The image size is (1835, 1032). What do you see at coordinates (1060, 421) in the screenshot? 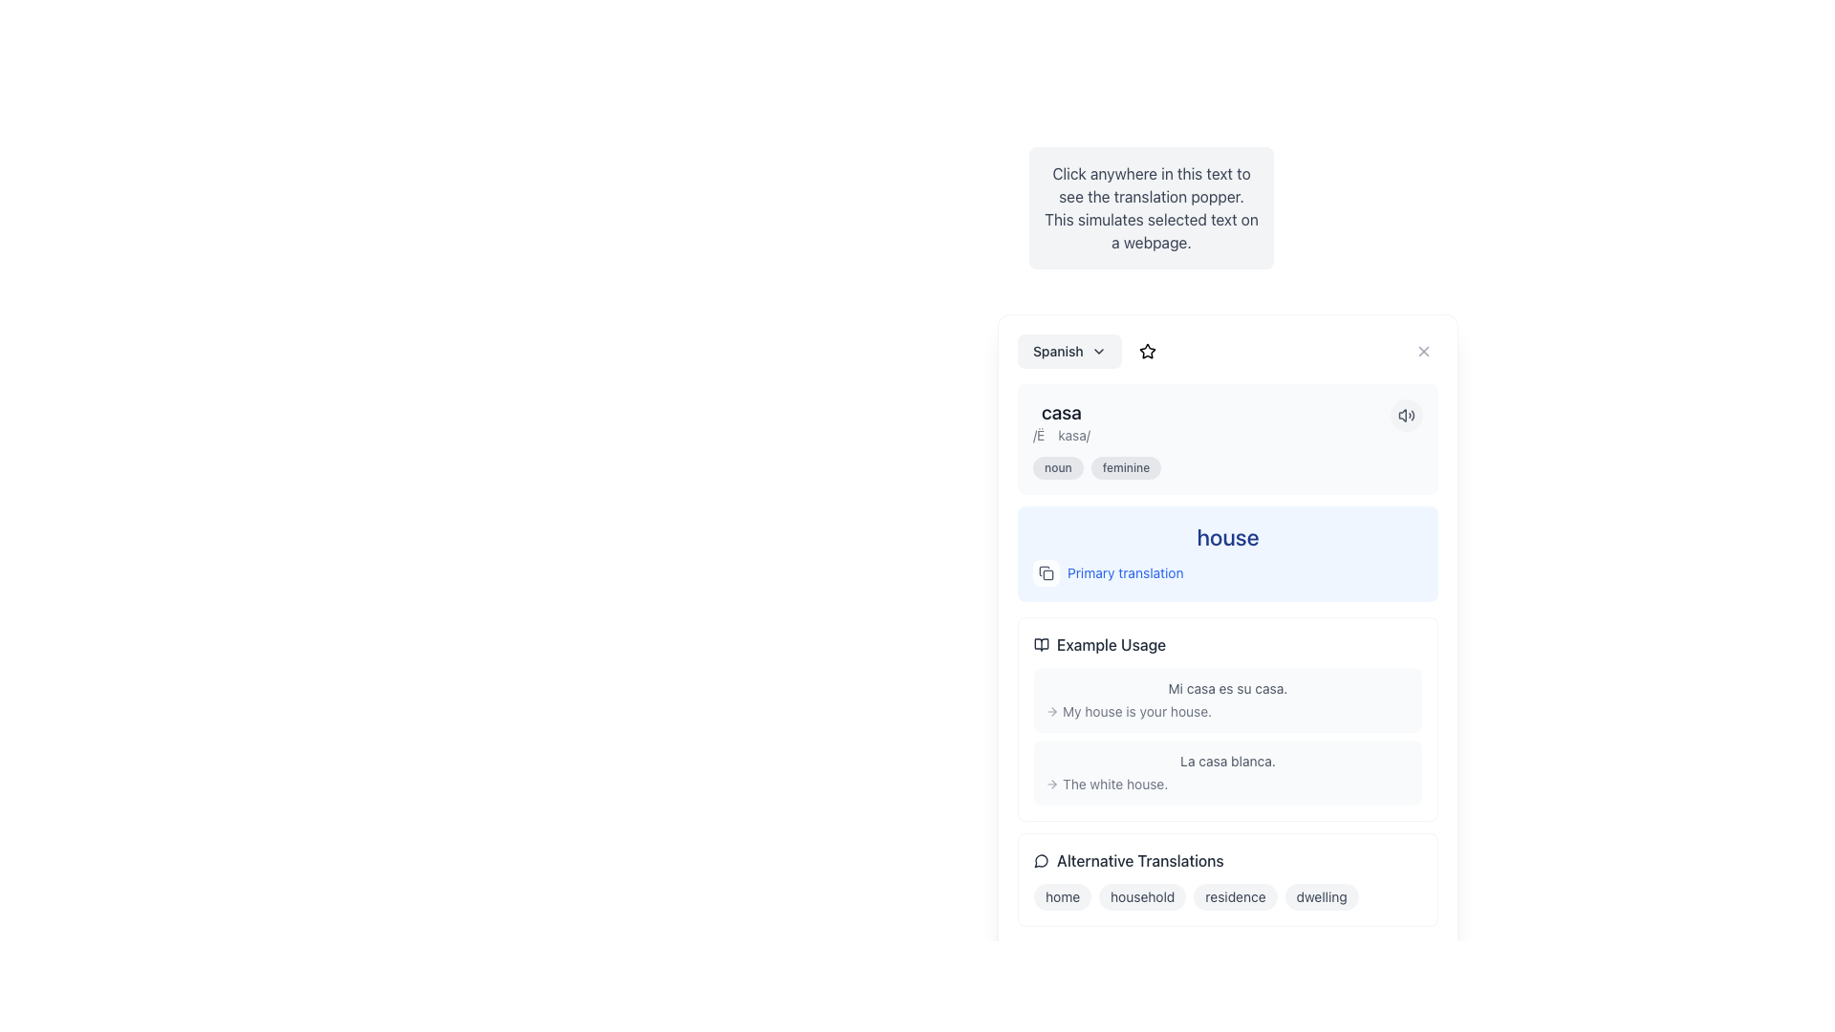
I see `displayed text, which consists of the word 'casa' in bold dark gray and the phonetic pronunciation '/Ëˆkasa/' in lighter gray, located near the top-left of the display pane` at bounding box center [1060, 421].